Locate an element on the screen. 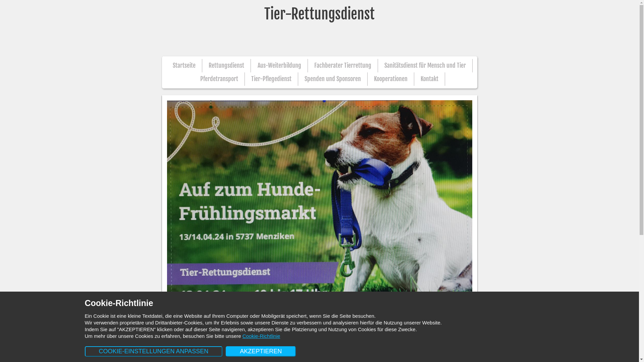  'COOKIE-EINSTELLUNGEN ANPASSEN' is located at coordinates (153, 351).